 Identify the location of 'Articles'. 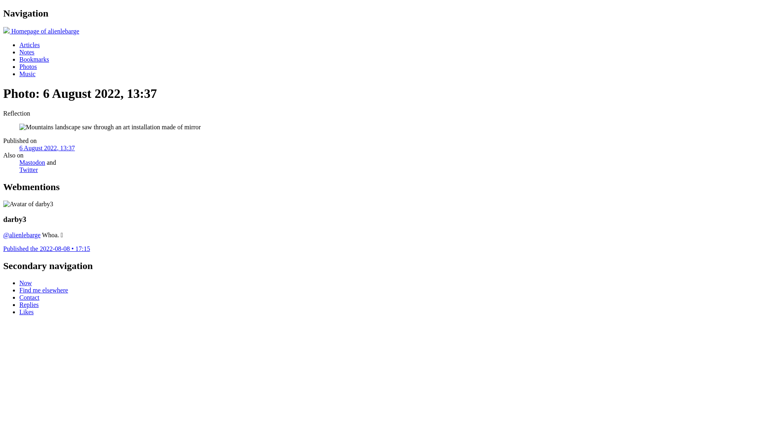
(29, 45).